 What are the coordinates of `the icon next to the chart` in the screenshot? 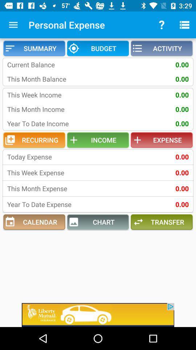 It's located at (34, 222).